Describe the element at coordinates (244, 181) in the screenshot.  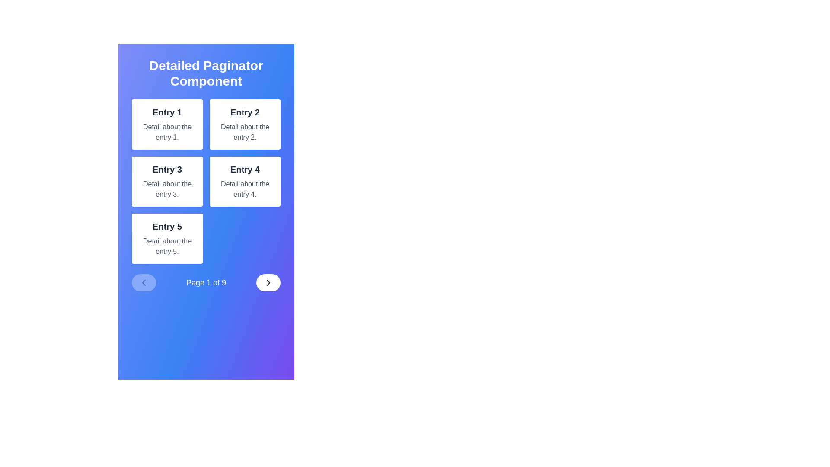
I see `the Information card labeled 'Entry 4', which features a white background, rounded corners, and contains the title 'Entry 4' in dark gray at the top and a smaller text 'Detail about the entry 4.'` at that location.